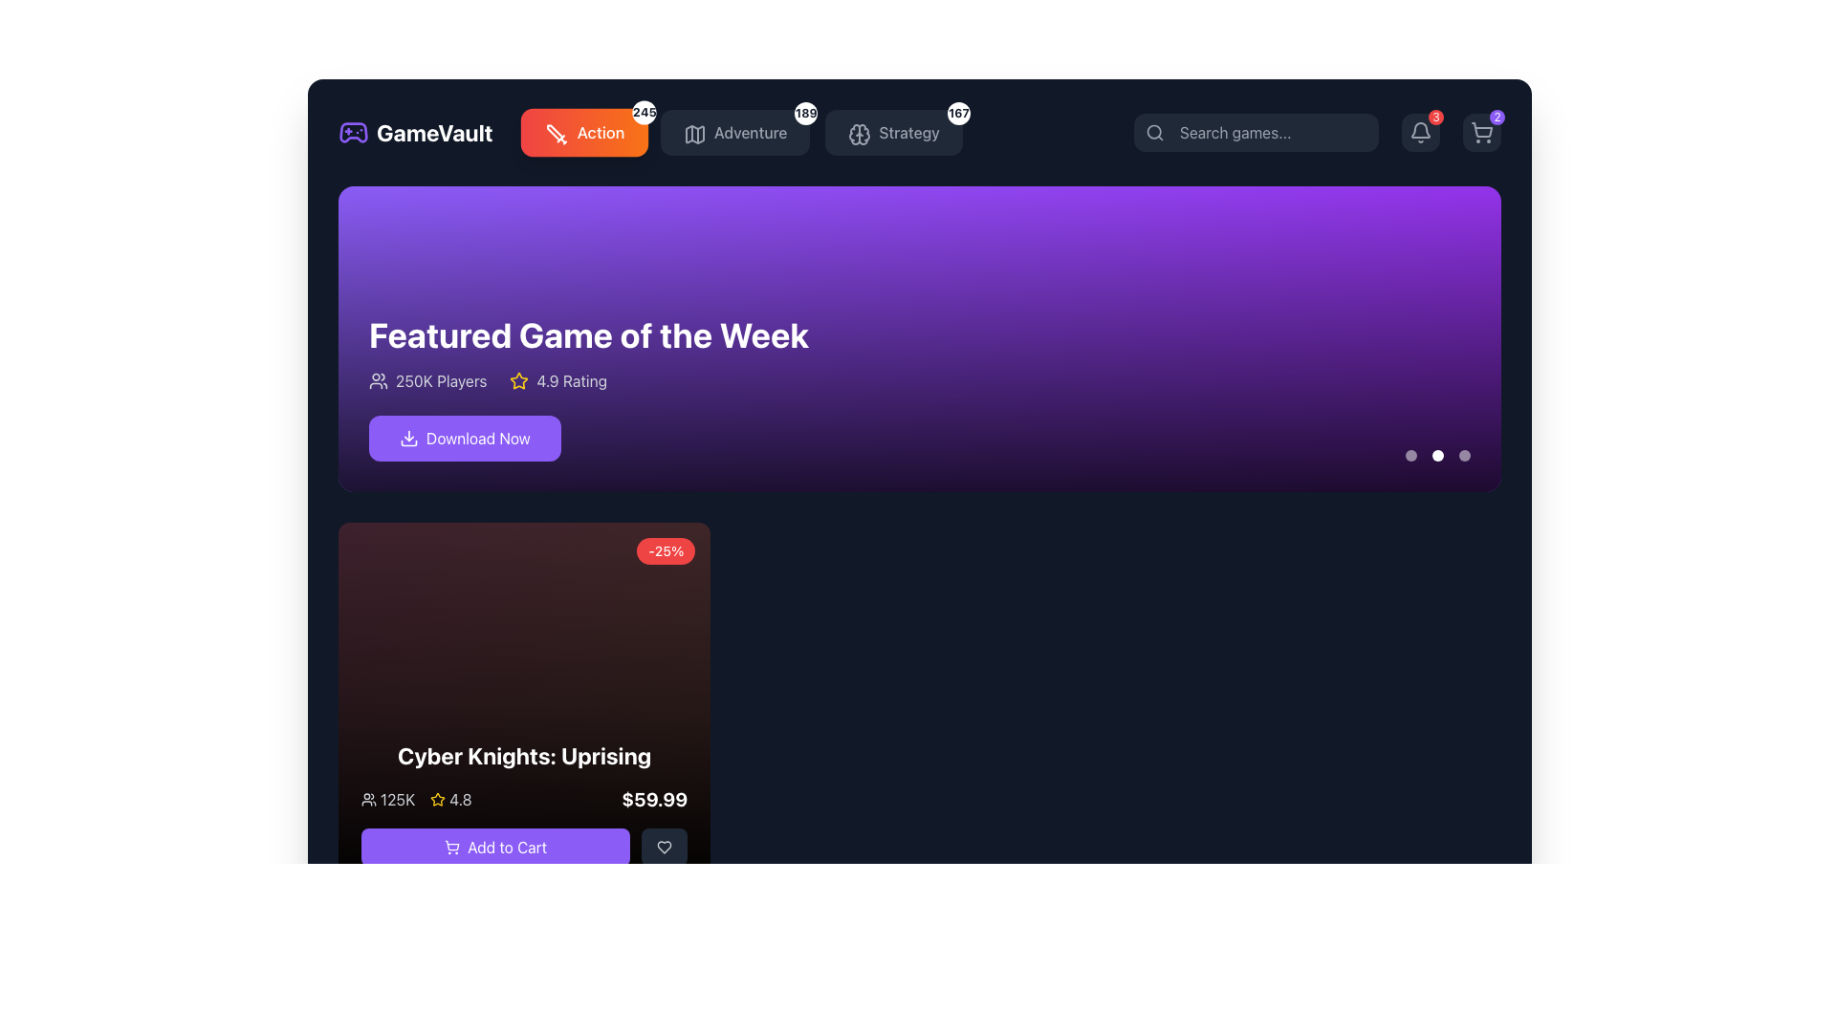 The width and height of the screenshot is (1836, 1032). What do you see at coordinates (451, 847) in the screenshot?
I see `the shopping cart icon located inside the 'Add to Cart' button beneath the product description for 'Cyber Knights: Uprising'` at bounding box center [451, 847].